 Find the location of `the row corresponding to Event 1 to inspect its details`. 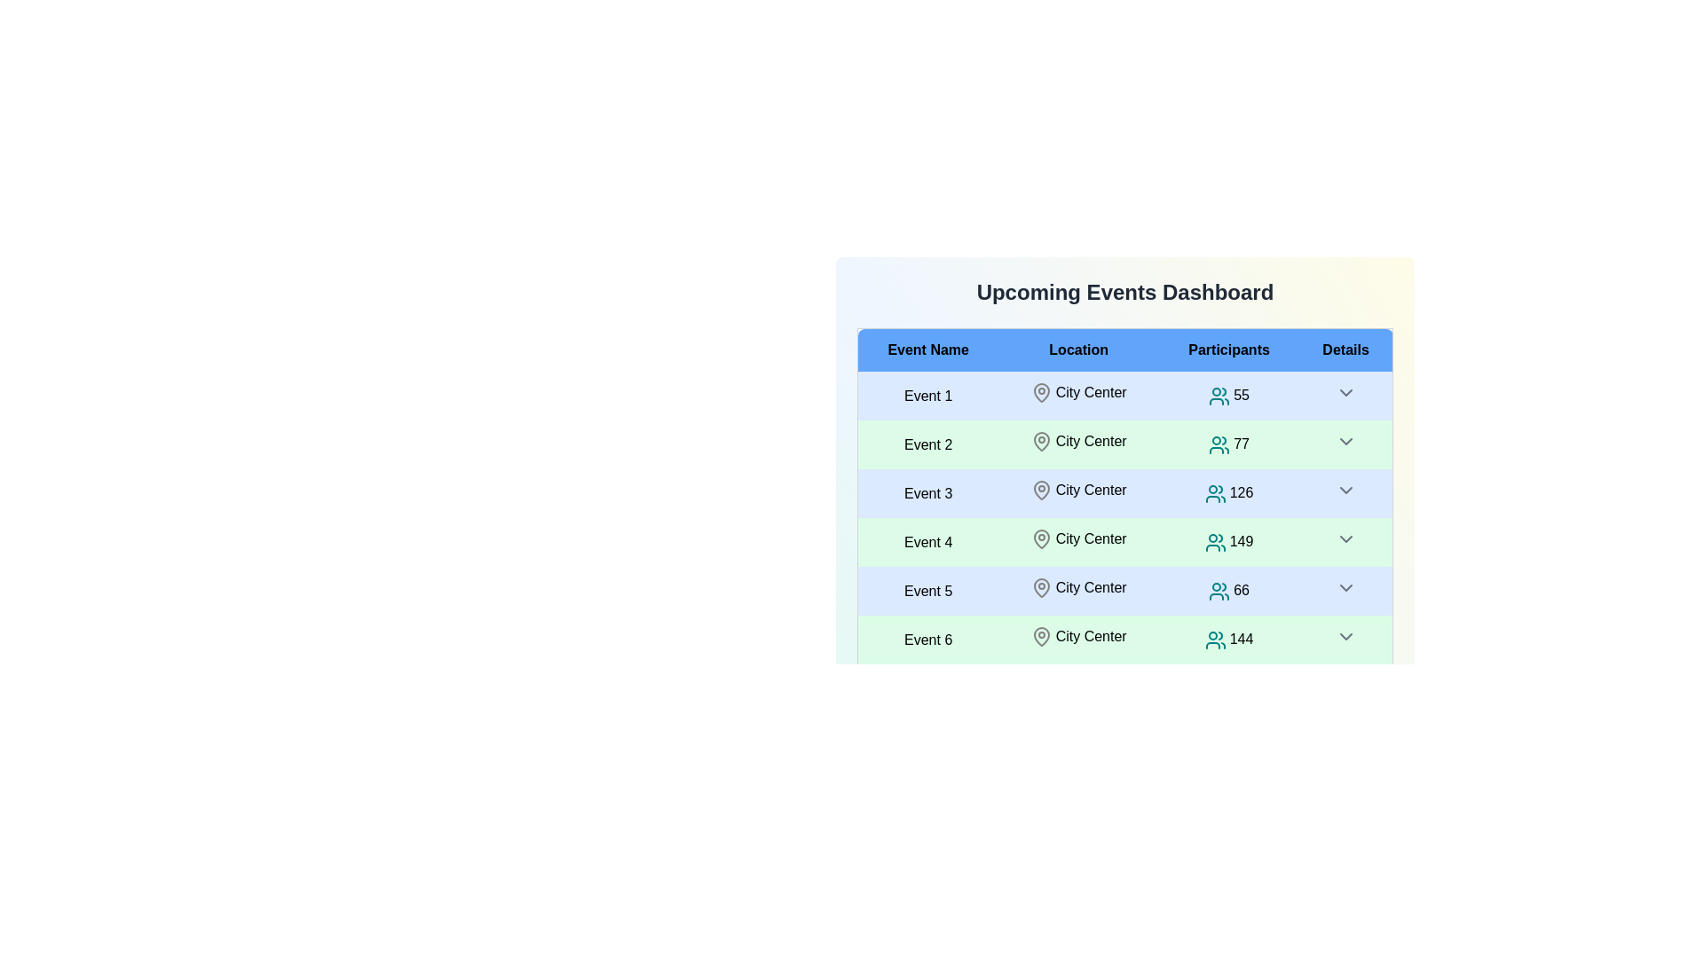

the row corresponding to Event 1 to inspect its details is located at coordinates (927, 395).